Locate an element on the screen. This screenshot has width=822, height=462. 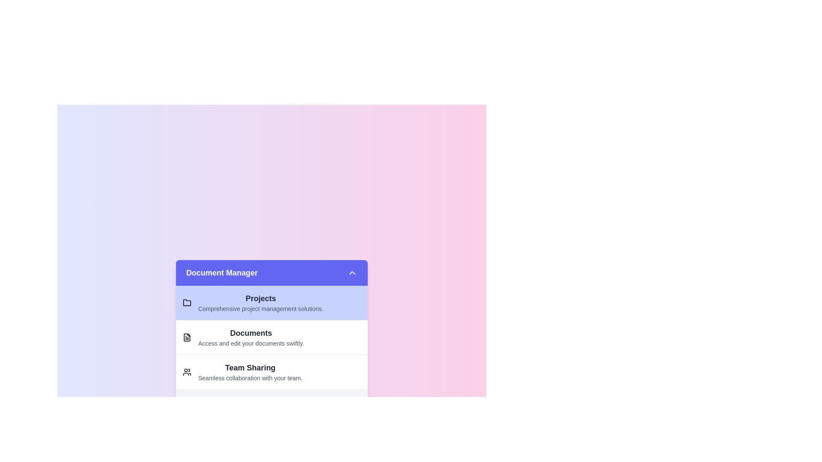
the item Documents in the list to select it is located at coordinates (271, 336).